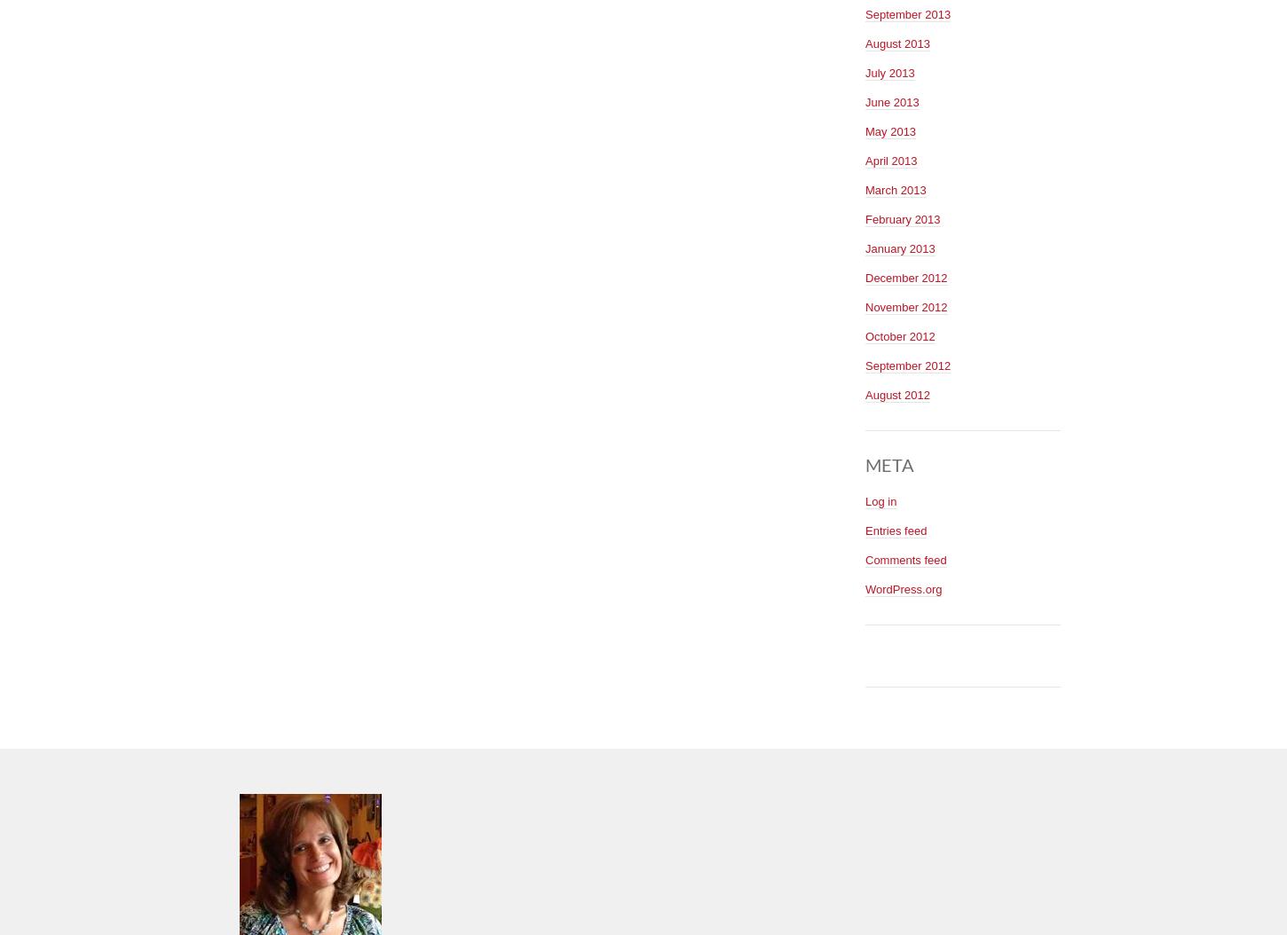  I want to click on 'September 2012', so click(865, 364).